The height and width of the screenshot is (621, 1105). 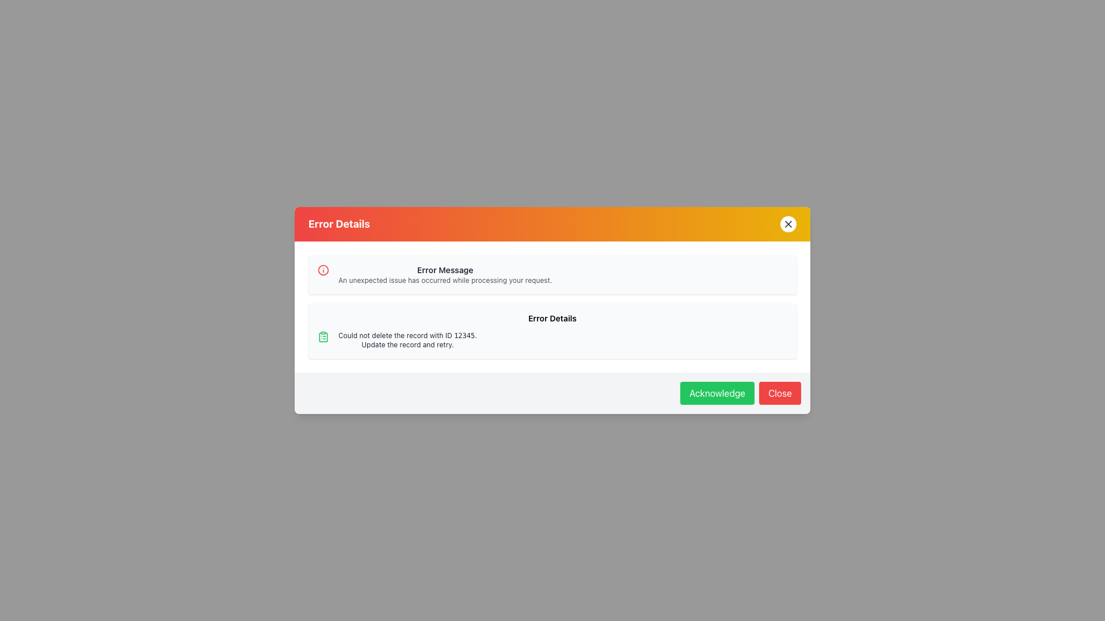 What do you see at coordinates (444, 270) in the screenshot?
I see `text from the 'Error Message' label, which is a bold, small, dark gray text located in the upper section of the 'Error Details' modal` at bounding box center [444, 270].